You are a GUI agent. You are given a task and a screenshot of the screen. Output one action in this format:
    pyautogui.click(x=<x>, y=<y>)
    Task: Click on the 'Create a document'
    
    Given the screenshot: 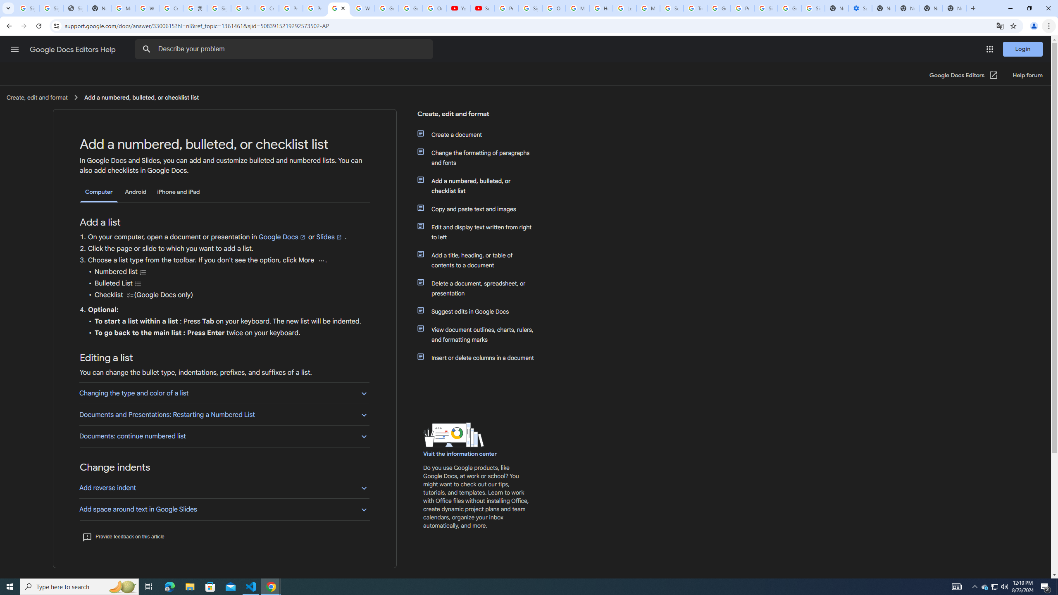 What is the action you would take?
    pyautogui.click(x=480, y=134)
    